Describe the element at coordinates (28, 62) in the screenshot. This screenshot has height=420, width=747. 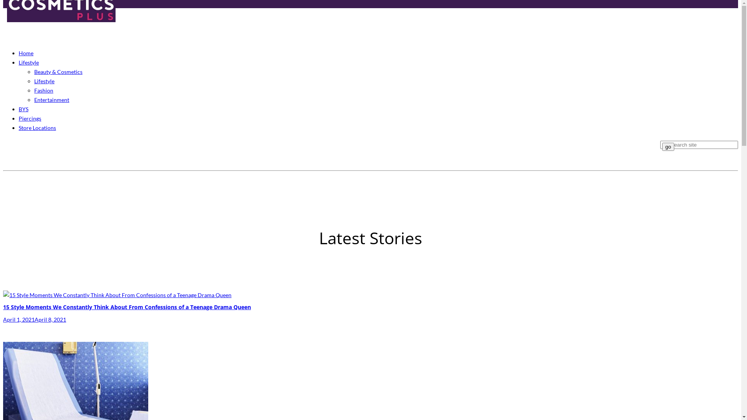
I see `'Lifestyle'` at that location.